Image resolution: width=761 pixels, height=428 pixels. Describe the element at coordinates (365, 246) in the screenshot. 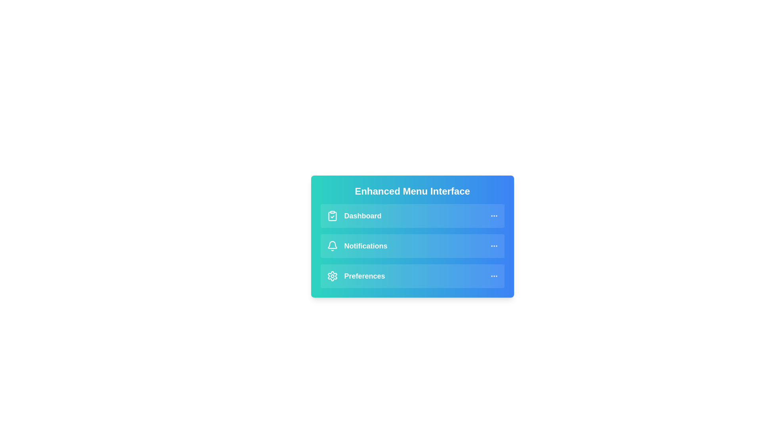

I see `the 'Notifications' text label, which is styled in a bold, large font and positioned within a menu area with a gradient background, aligned with a bell icon to its left` at that location.